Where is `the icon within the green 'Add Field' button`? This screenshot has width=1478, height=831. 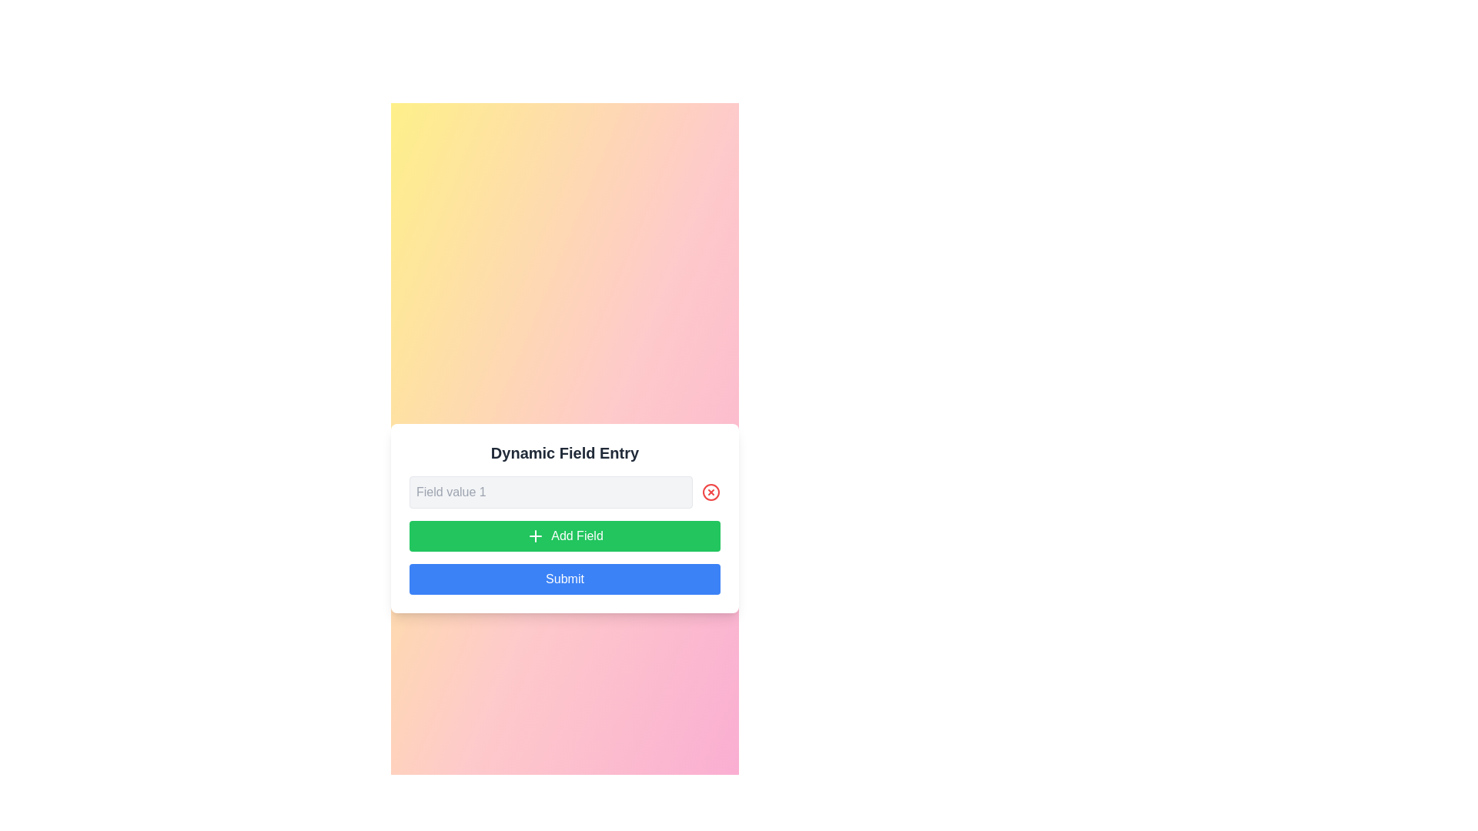 the icon within the green 'Add Field' button is located at coordinates (536, 536).